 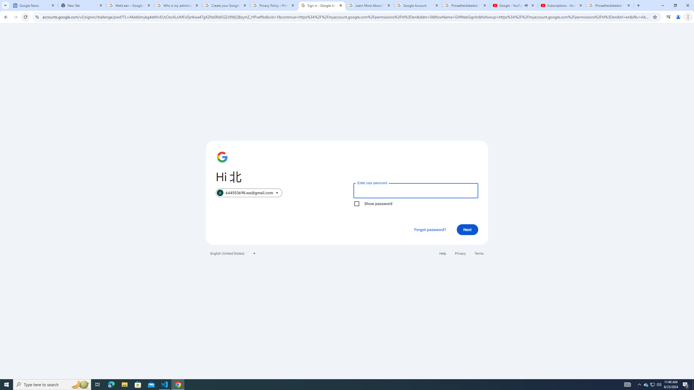 I want to click on 'Show password', so click(x=356, y=203).